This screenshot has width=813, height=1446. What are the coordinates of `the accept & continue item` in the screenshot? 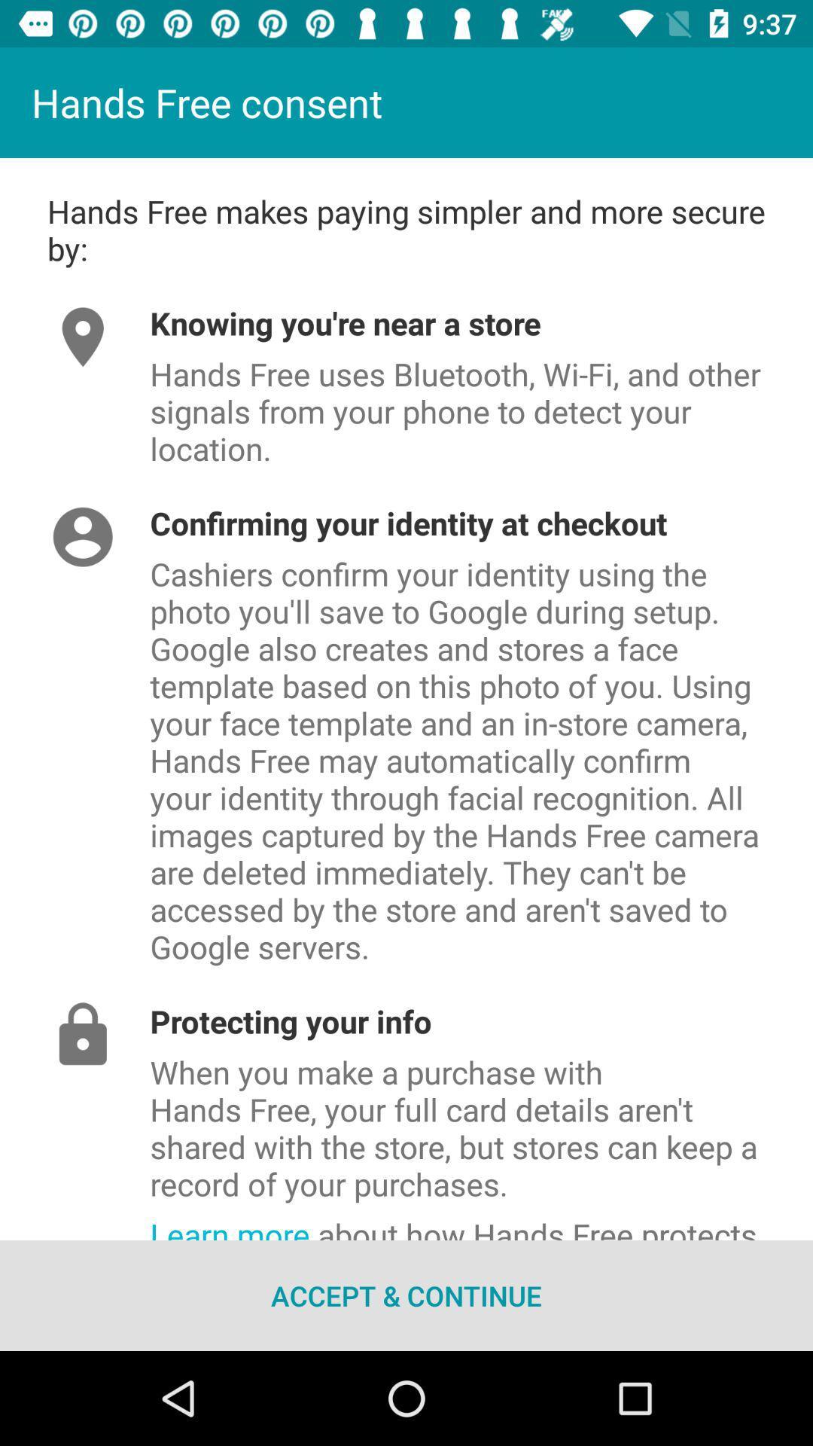 It's located at (406, 1295).